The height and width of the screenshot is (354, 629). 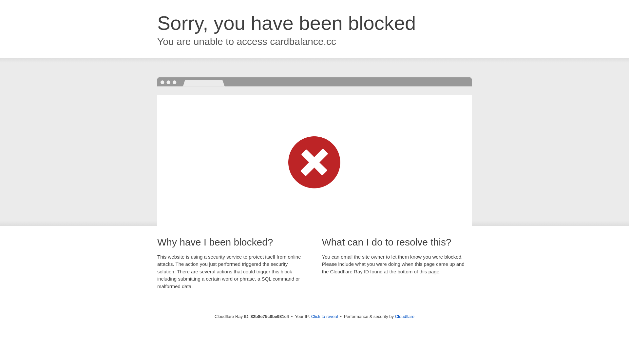 What do you see at coordinates (324, 316) in the screenshot?
I see `'Click to reveal'` at bounding box center [324, 316].